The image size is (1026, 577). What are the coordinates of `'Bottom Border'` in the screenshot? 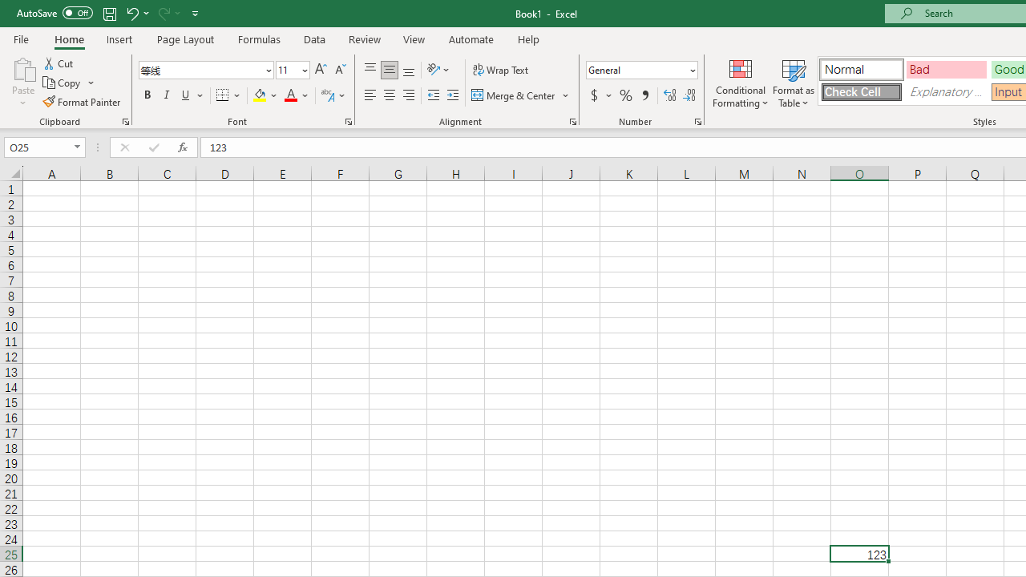 It's located at (222, 95).